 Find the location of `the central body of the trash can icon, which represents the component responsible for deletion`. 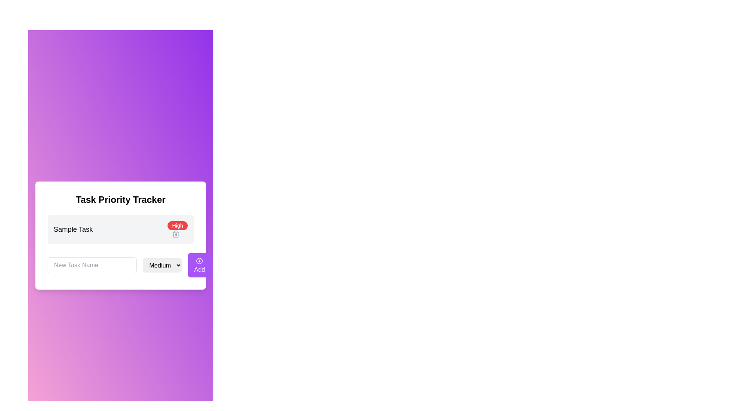

the central body of the trash can icon, which represents the component responsible for deletion is located at coordinates (176, 234).